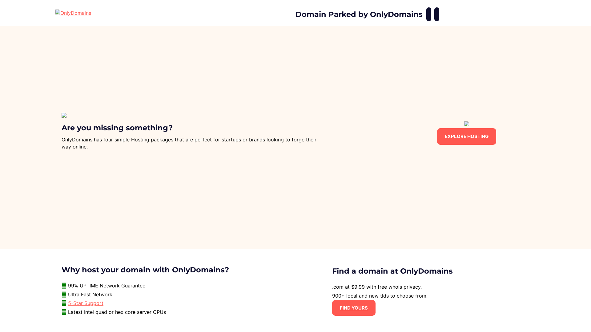 This screenshot has width=591, height=332. I want to click on 'EXPLORE HOSTING', so click(467, 136).